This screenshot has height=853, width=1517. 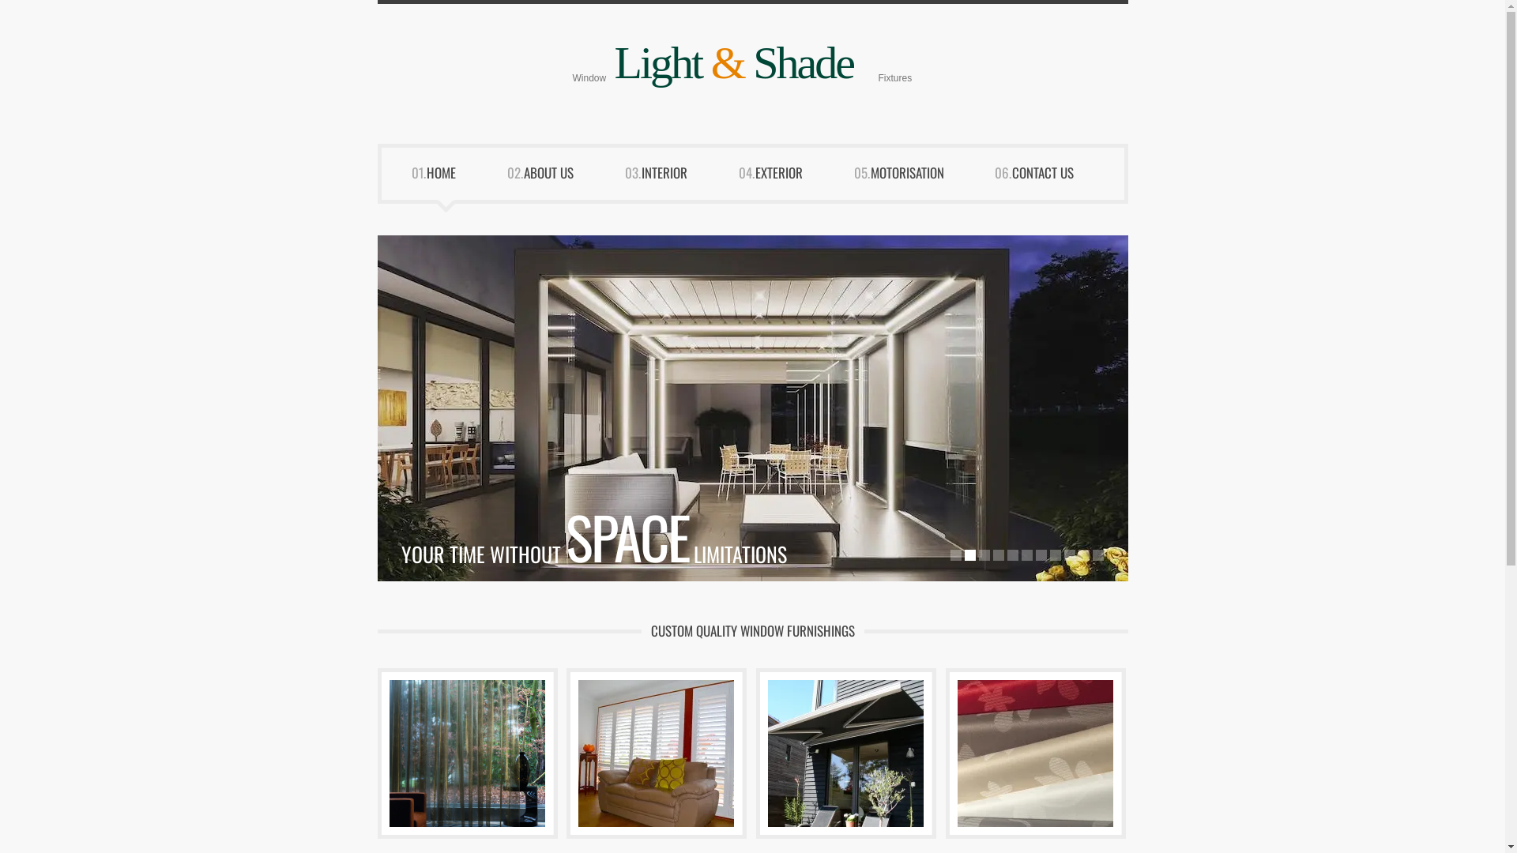 I want to click on 'Permanent Link to Awnings', so click(x=759, y=752).